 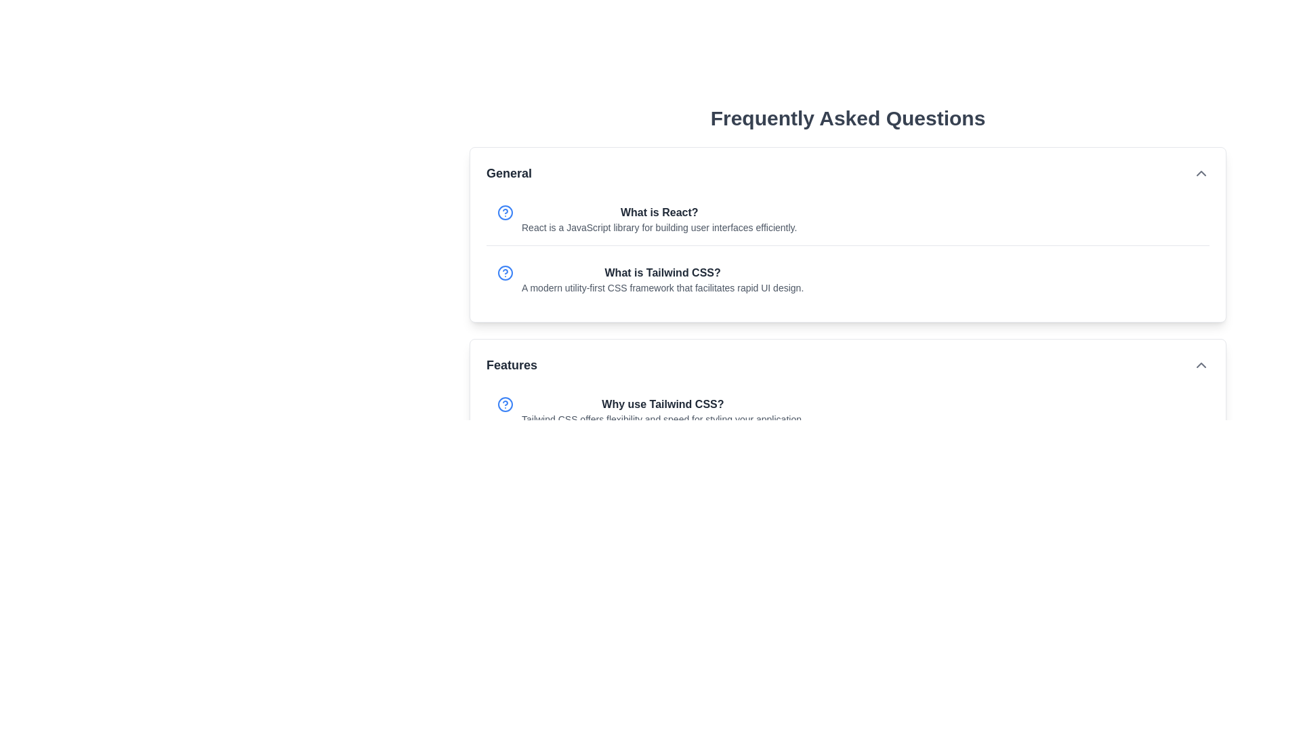 What do you see at coordinates (511, 365) in the screenshot?
I see `the bold and prominent text label displaying 'Features', which is styled with a large font size and dark gray color, located within a collapsible list item` at bounding box center [511, 365].